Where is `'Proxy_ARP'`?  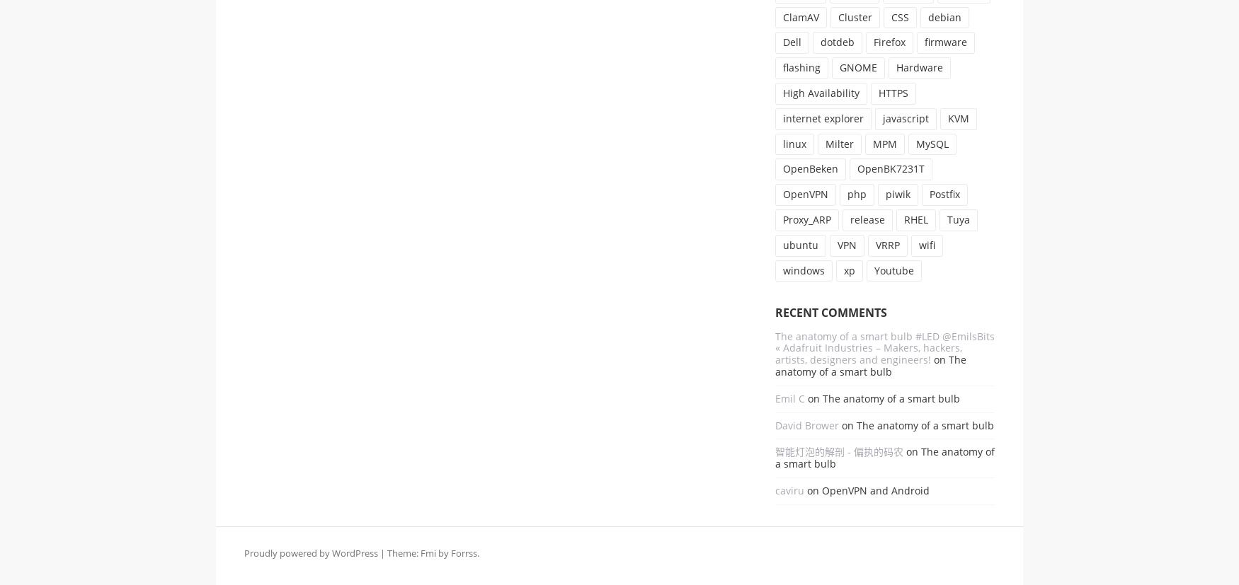 'Proxy_ARP' is located at coordinates (806, 218).